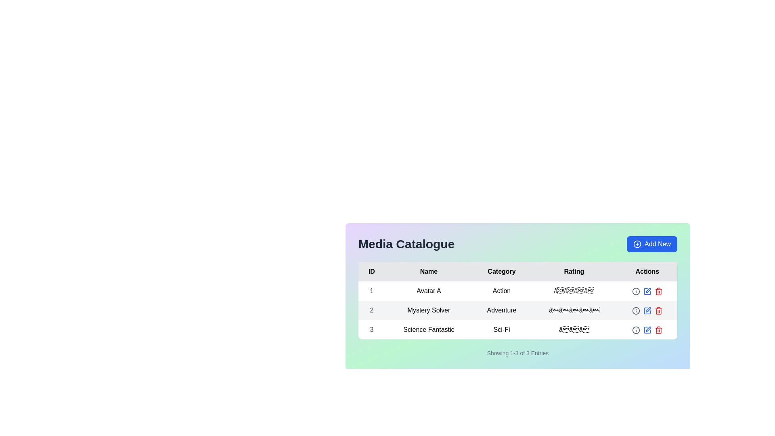 Image resolution: width=775 pixels, height=436 pixels. Describe the element at coordinates (635, 291) in the screenshot. I see `the circular gray information icon located in the 'Actions' column of the second row in the table` at that location.